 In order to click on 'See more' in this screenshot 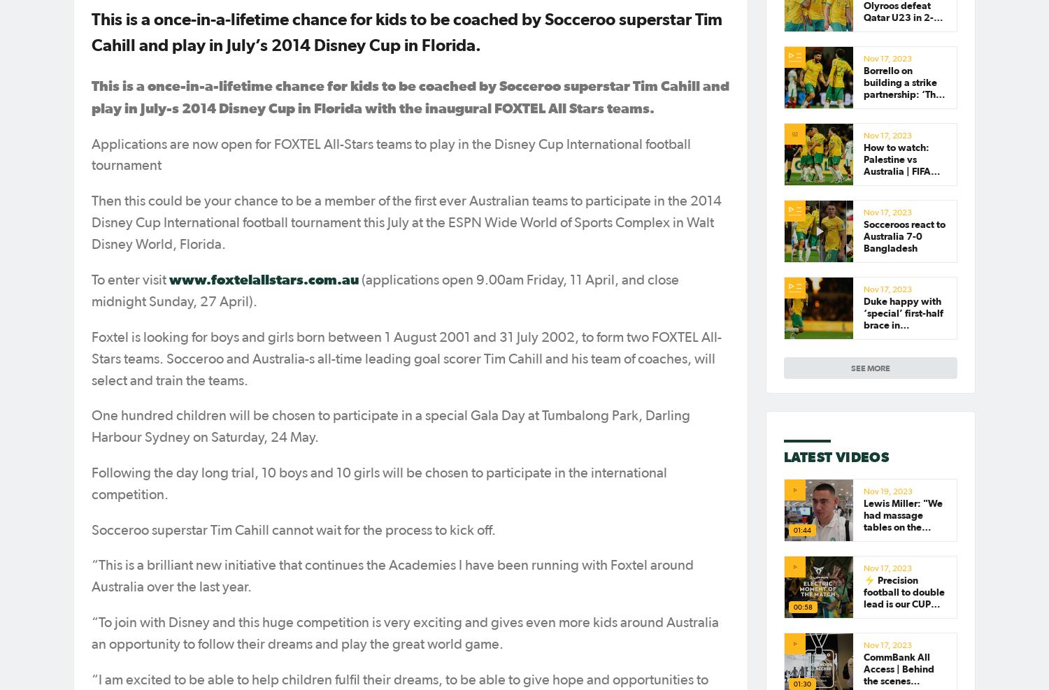, I will do `click(870, 368)`.